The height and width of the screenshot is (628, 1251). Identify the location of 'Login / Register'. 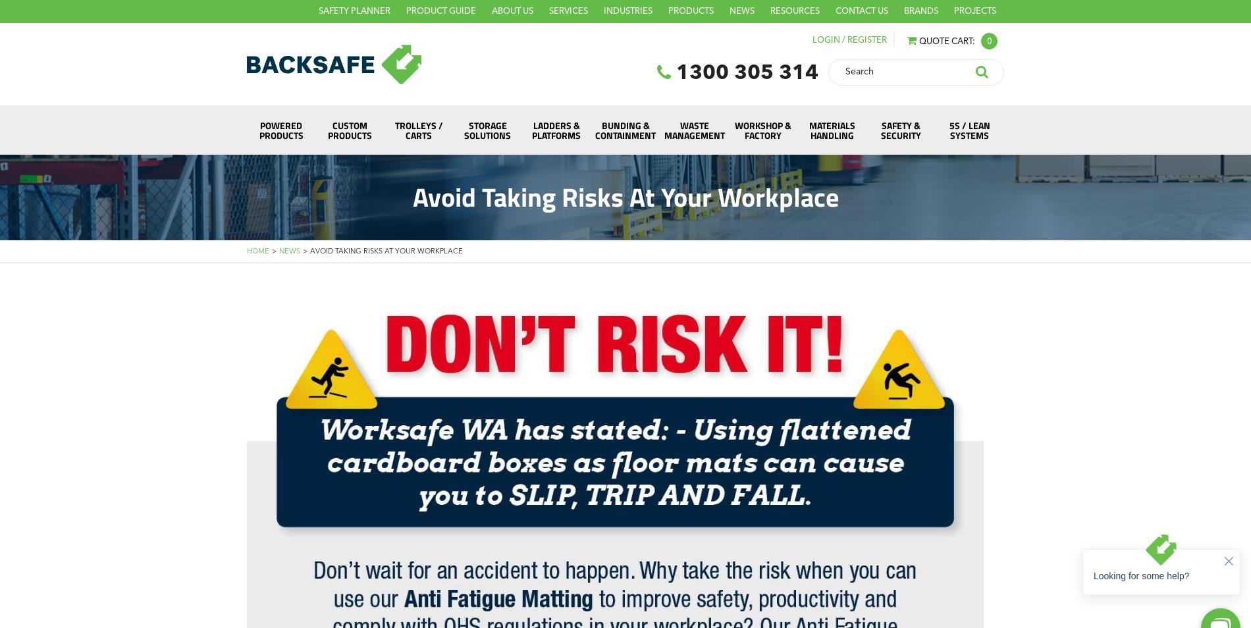
(849, 39).